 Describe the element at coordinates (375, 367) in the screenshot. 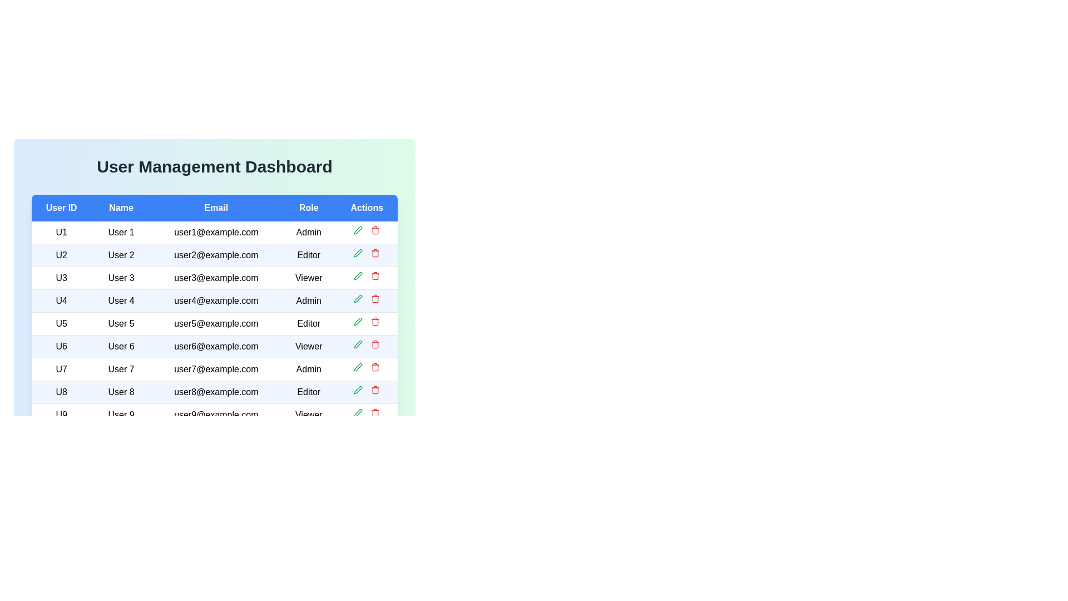

I see `delete button for the user with ID U7` at that location.